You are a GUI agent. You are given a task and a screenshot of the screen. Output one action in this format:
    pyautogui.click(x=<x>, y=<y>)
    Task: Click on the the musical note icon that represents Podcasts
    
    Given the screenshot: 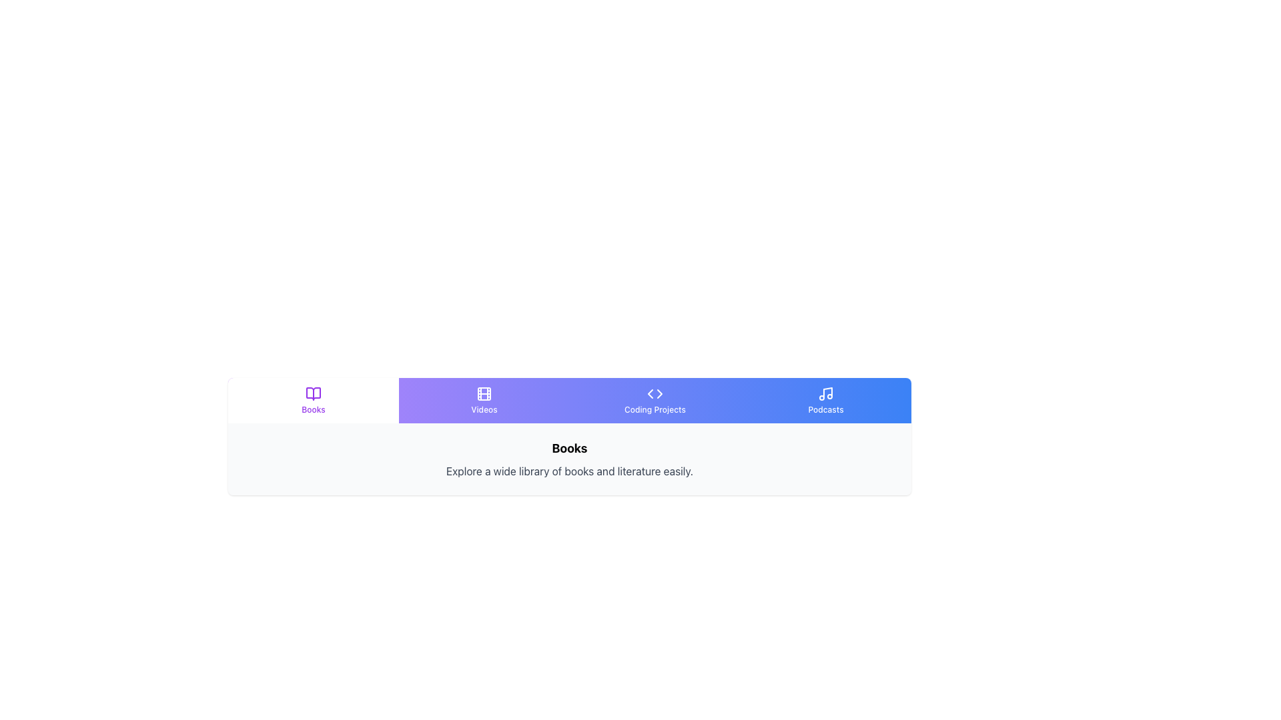 What is the action you would take?
    pyautogui.click(x=825, y=393)
    